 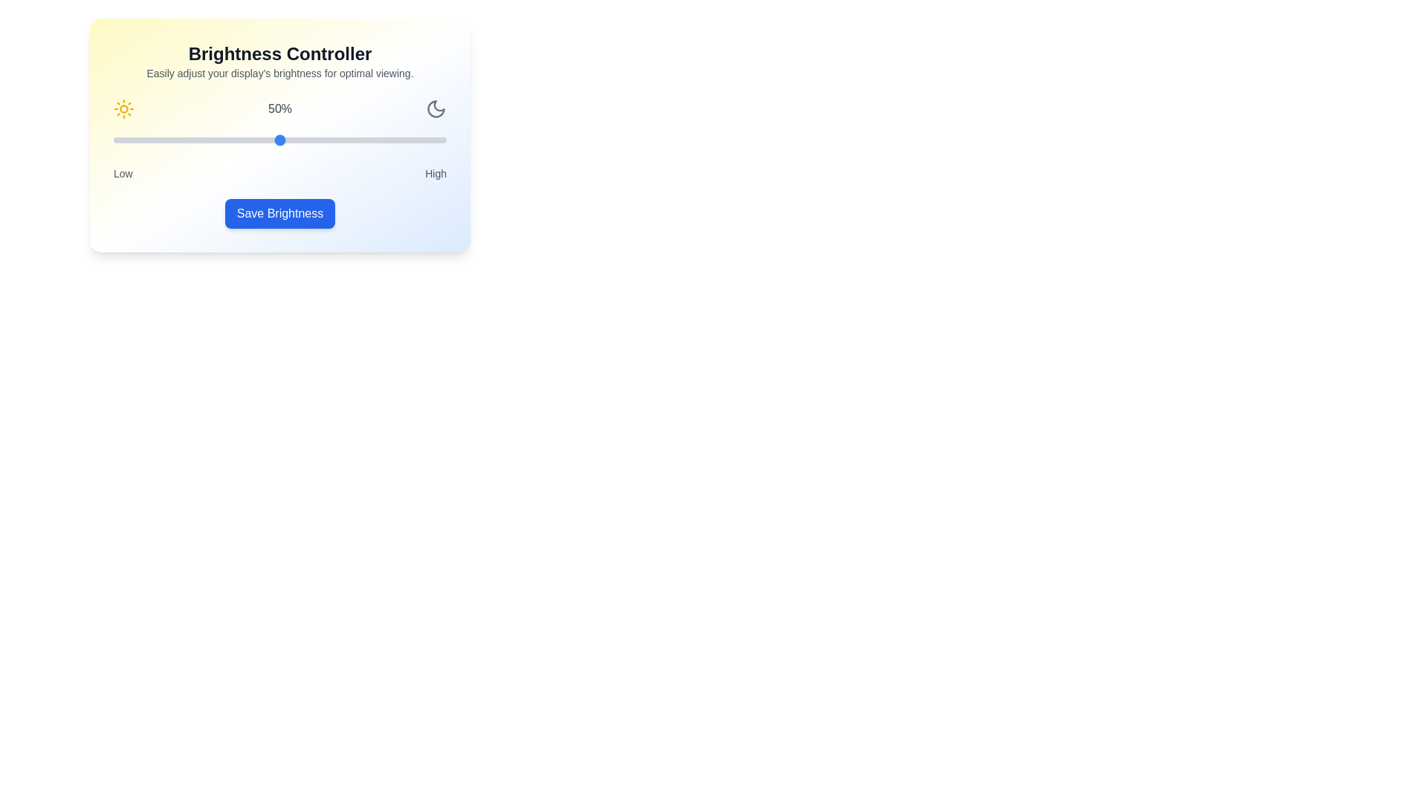 What do you see at coordinates (439, 140) in the screenshot?
I see `the brightness slider to 98%` at bounding box center [439, 140].